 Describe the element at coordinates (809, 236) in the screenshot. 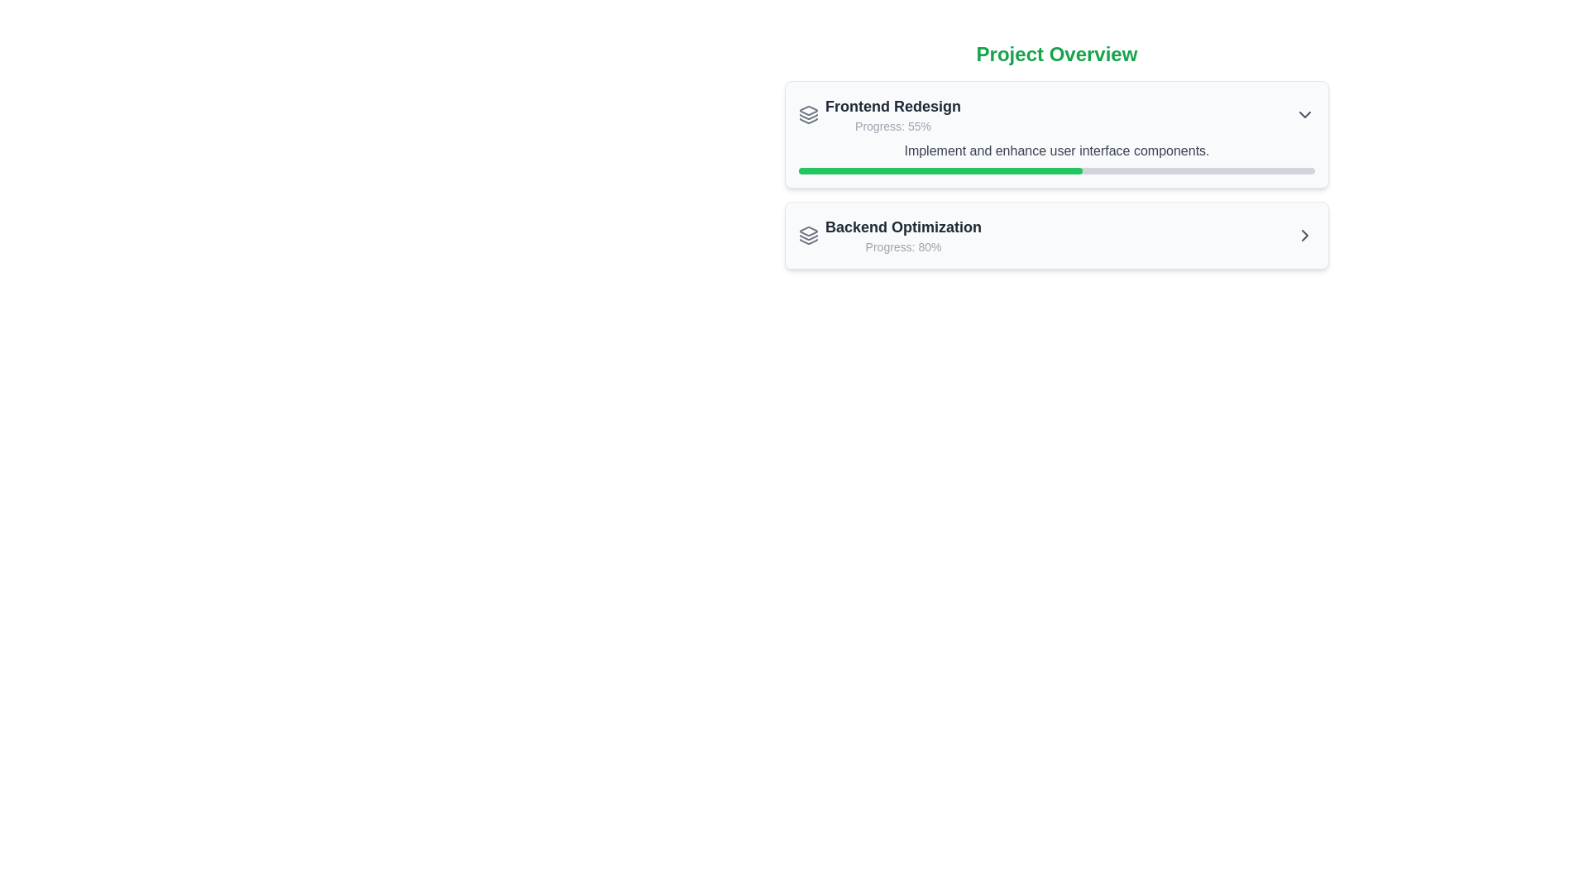

I see `or interpret the icon representing stacked layers, located on the left side of the list item labeled 'Backend Optimization'` at that location.